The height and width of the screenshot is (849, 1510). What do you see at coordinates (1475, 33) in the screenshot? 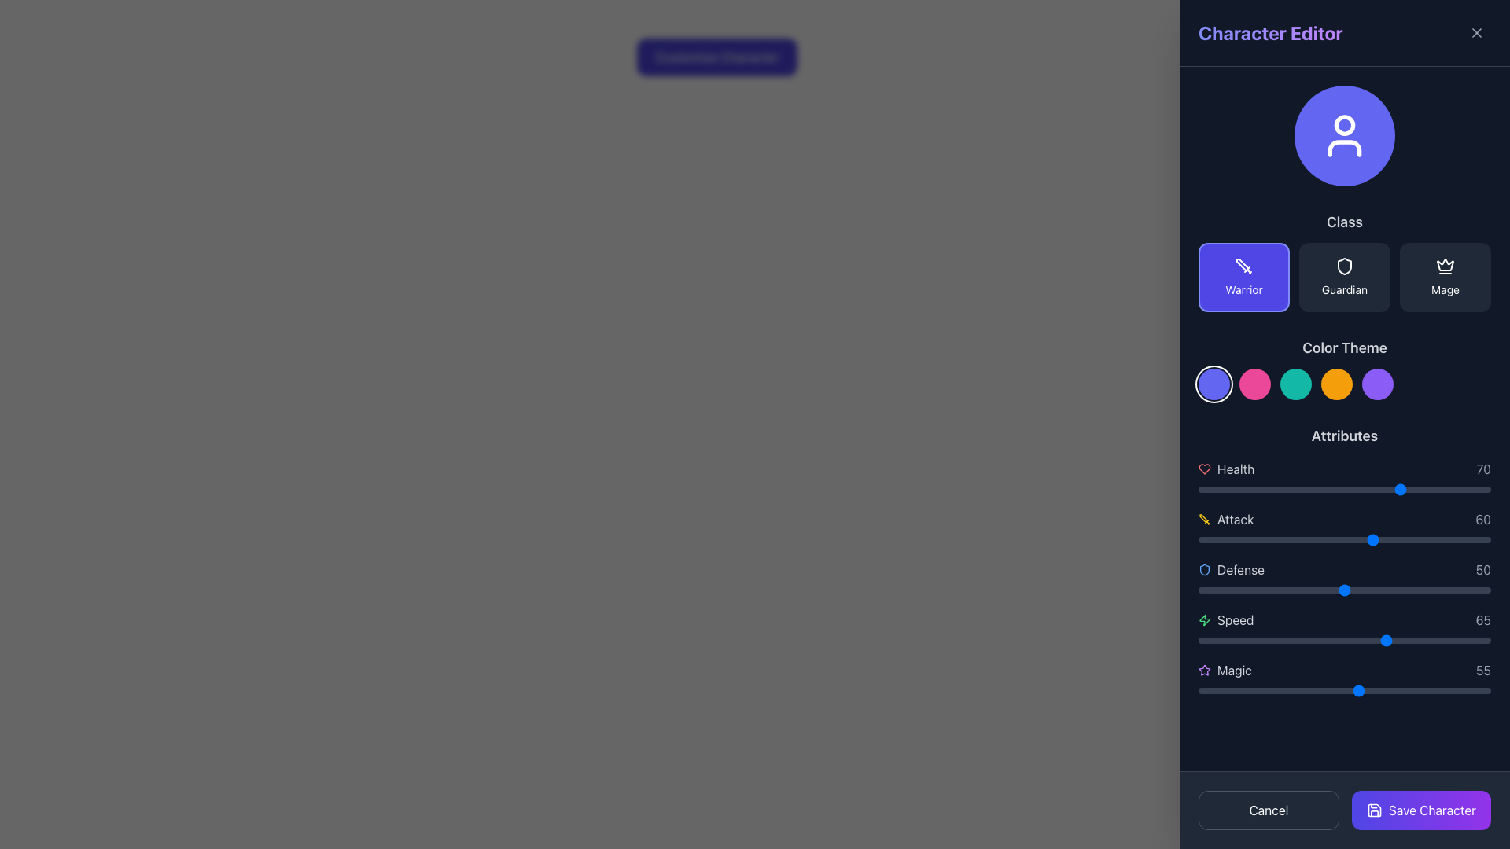
I see `the close button icon, styled as an 'X' inside a square, located at the top right corner of the 'Character Editor' panel` at bounding box center [1475, 33].